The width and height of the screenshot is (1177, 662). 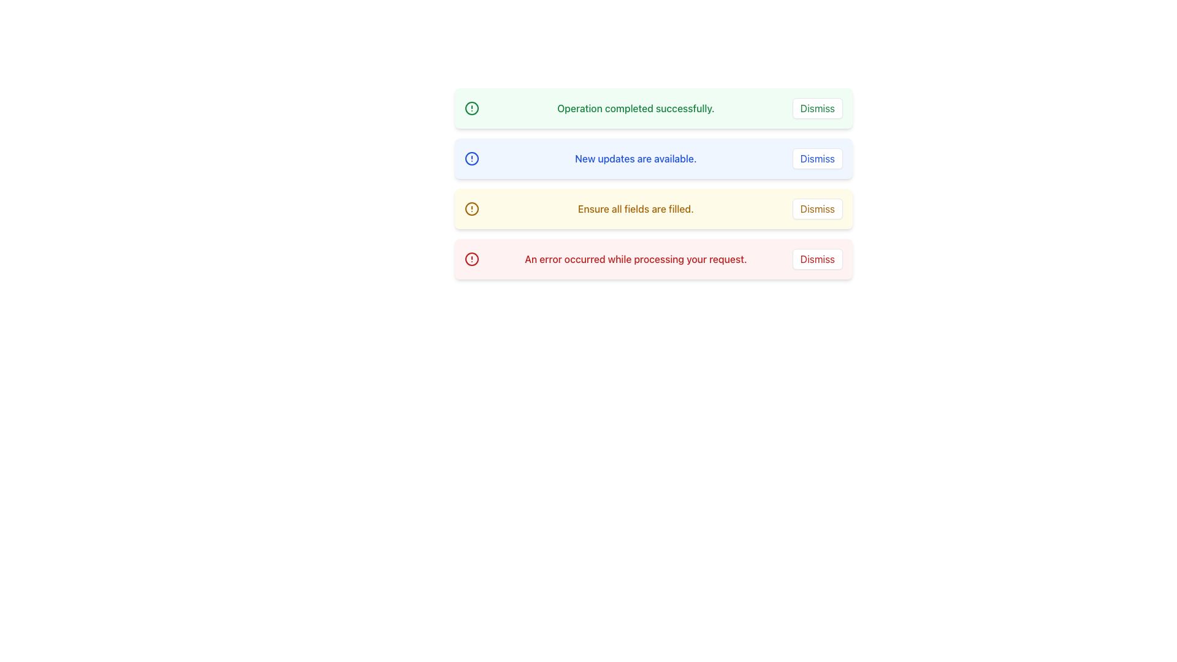 What do you see at coordinates (471, 208) in the screenshot?
I see `circular SVG element that is part of the alert icon on the left side of the yellow notification bar stating 'Ensure all fields are filled.'` at bounding box center [471, 208].